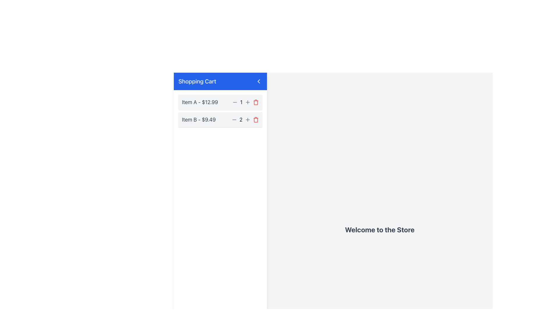 The width and height of the screenshot is (559, 314). What do you see at coordinates (241, 119) in the screenshot?
I see `the numeric text display showing the number '2', which is part of the decrement and increment controls for 'Item B - $9.49'` at bounding box center [241, 119].